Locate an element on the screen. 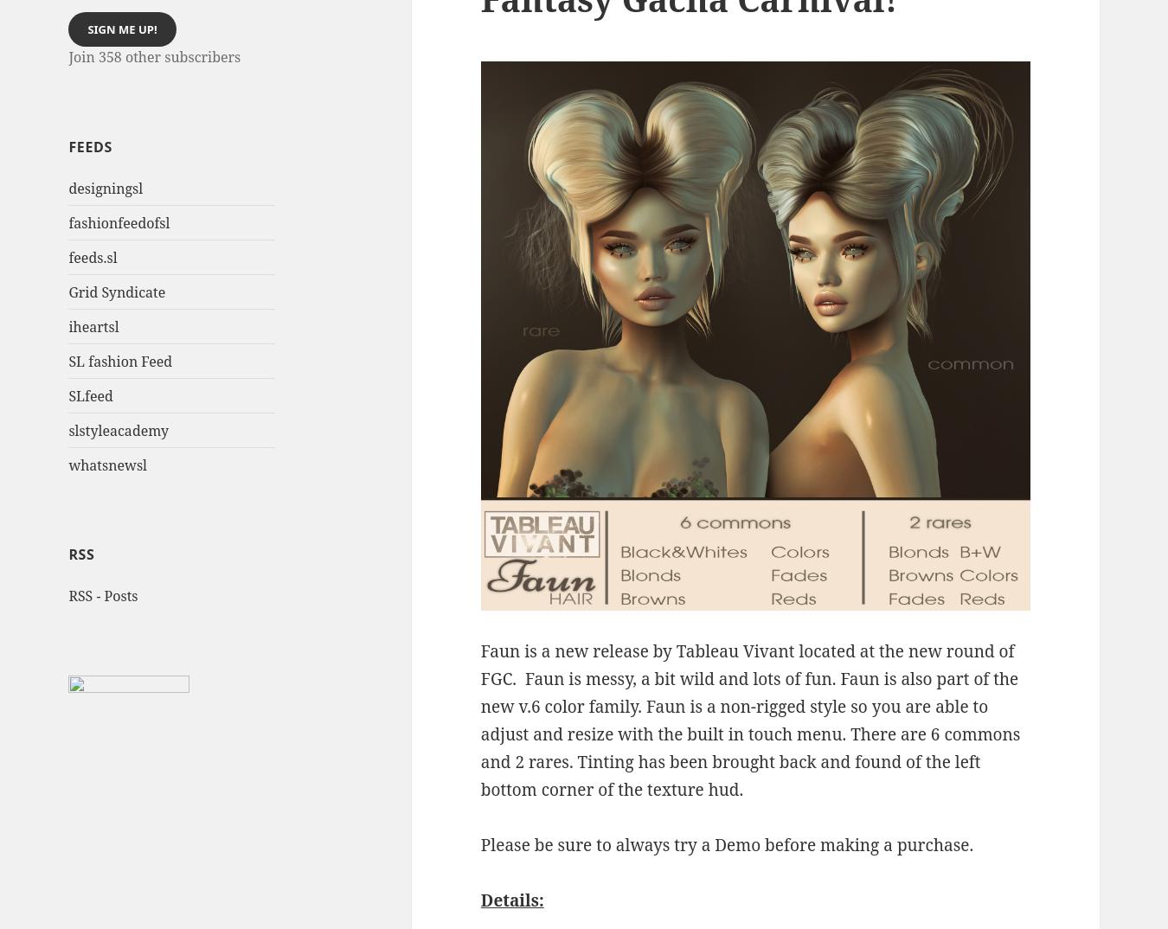  'Sign me up!' is located at coordinates (121, 29).